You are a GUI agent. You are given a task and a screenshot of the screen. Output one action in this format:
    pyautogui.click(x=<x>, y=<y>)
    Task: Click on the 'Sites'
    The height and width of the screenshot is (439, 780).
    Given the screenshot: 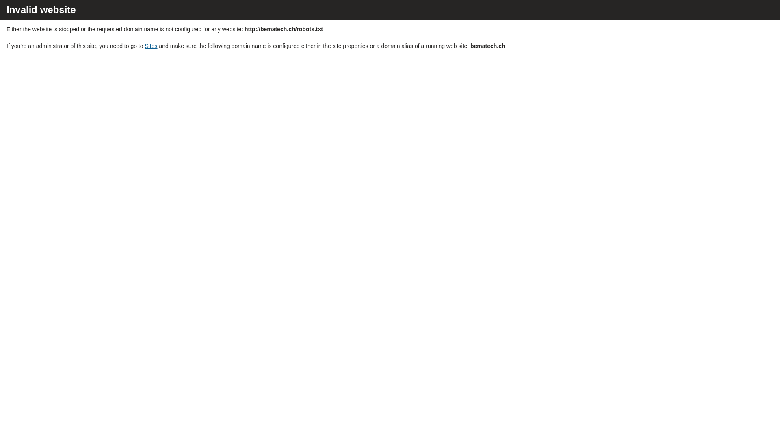 What is the action you would take?
    pyautogui.click(x=151, y=46)
    